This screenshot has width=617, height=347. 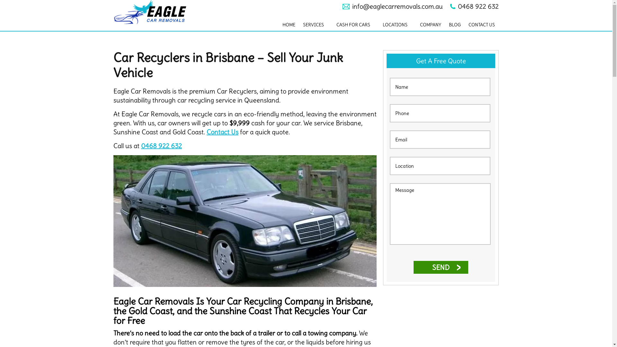 What do you see at coordinates (416, 24) in the screenshot?
I see `'COMPANY'` at bounding box center [416, 24].